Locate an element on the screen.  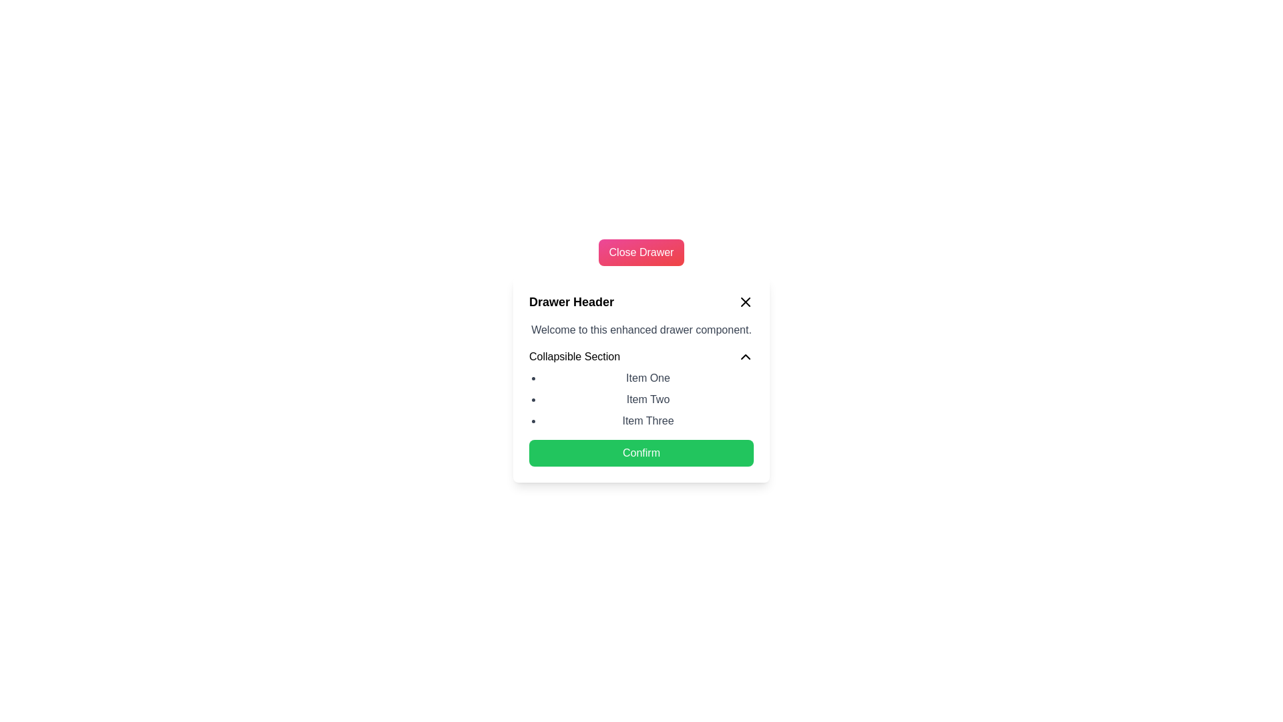
the Cross icon located at the top-right corner of the modal dialog is located at coordinates (745, 302).